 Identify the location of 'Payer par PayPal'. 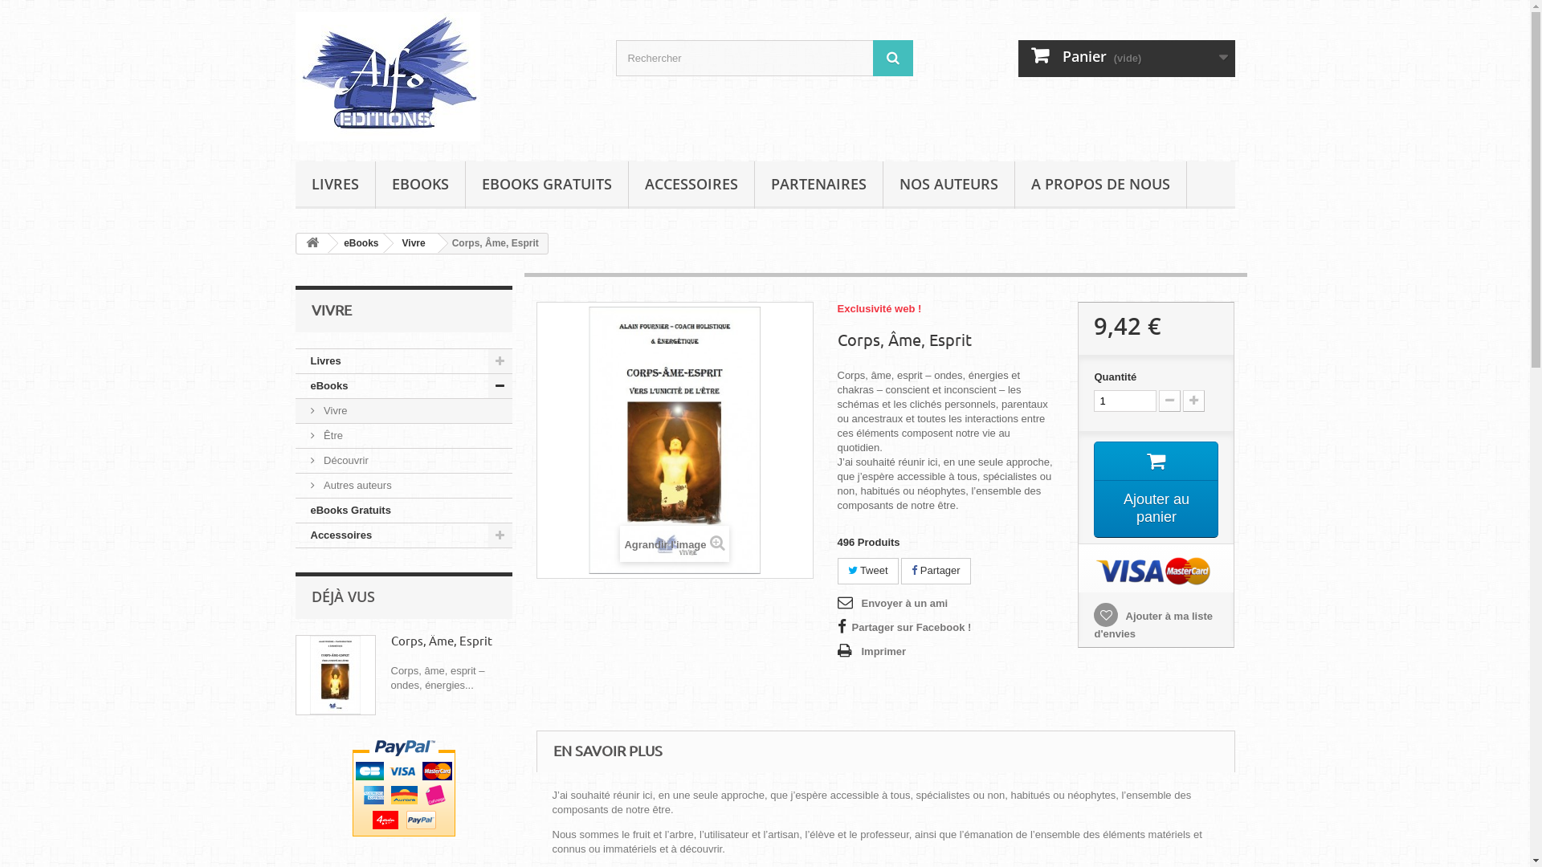
(350, 787).